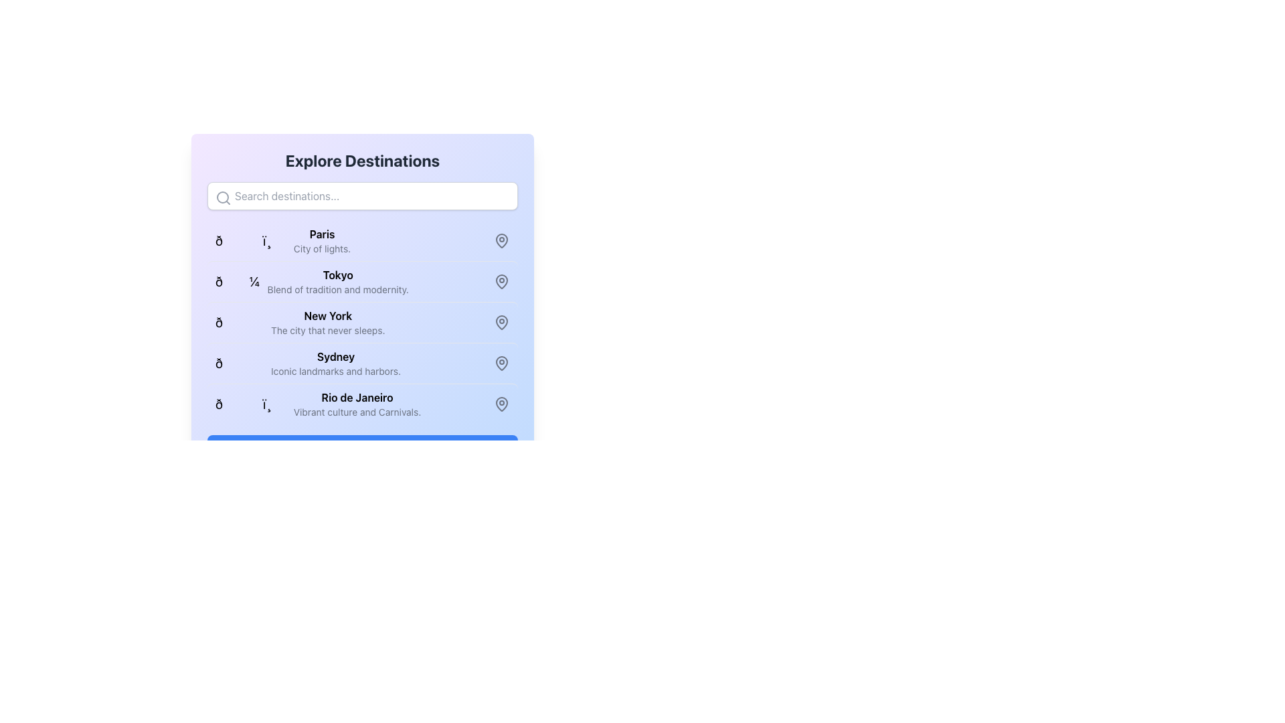 This screenshot has width=1285, height=723. I want to click on the static text element displaying 'New York', which identifies this specific entry in the list of destinations, so click(328, 315).